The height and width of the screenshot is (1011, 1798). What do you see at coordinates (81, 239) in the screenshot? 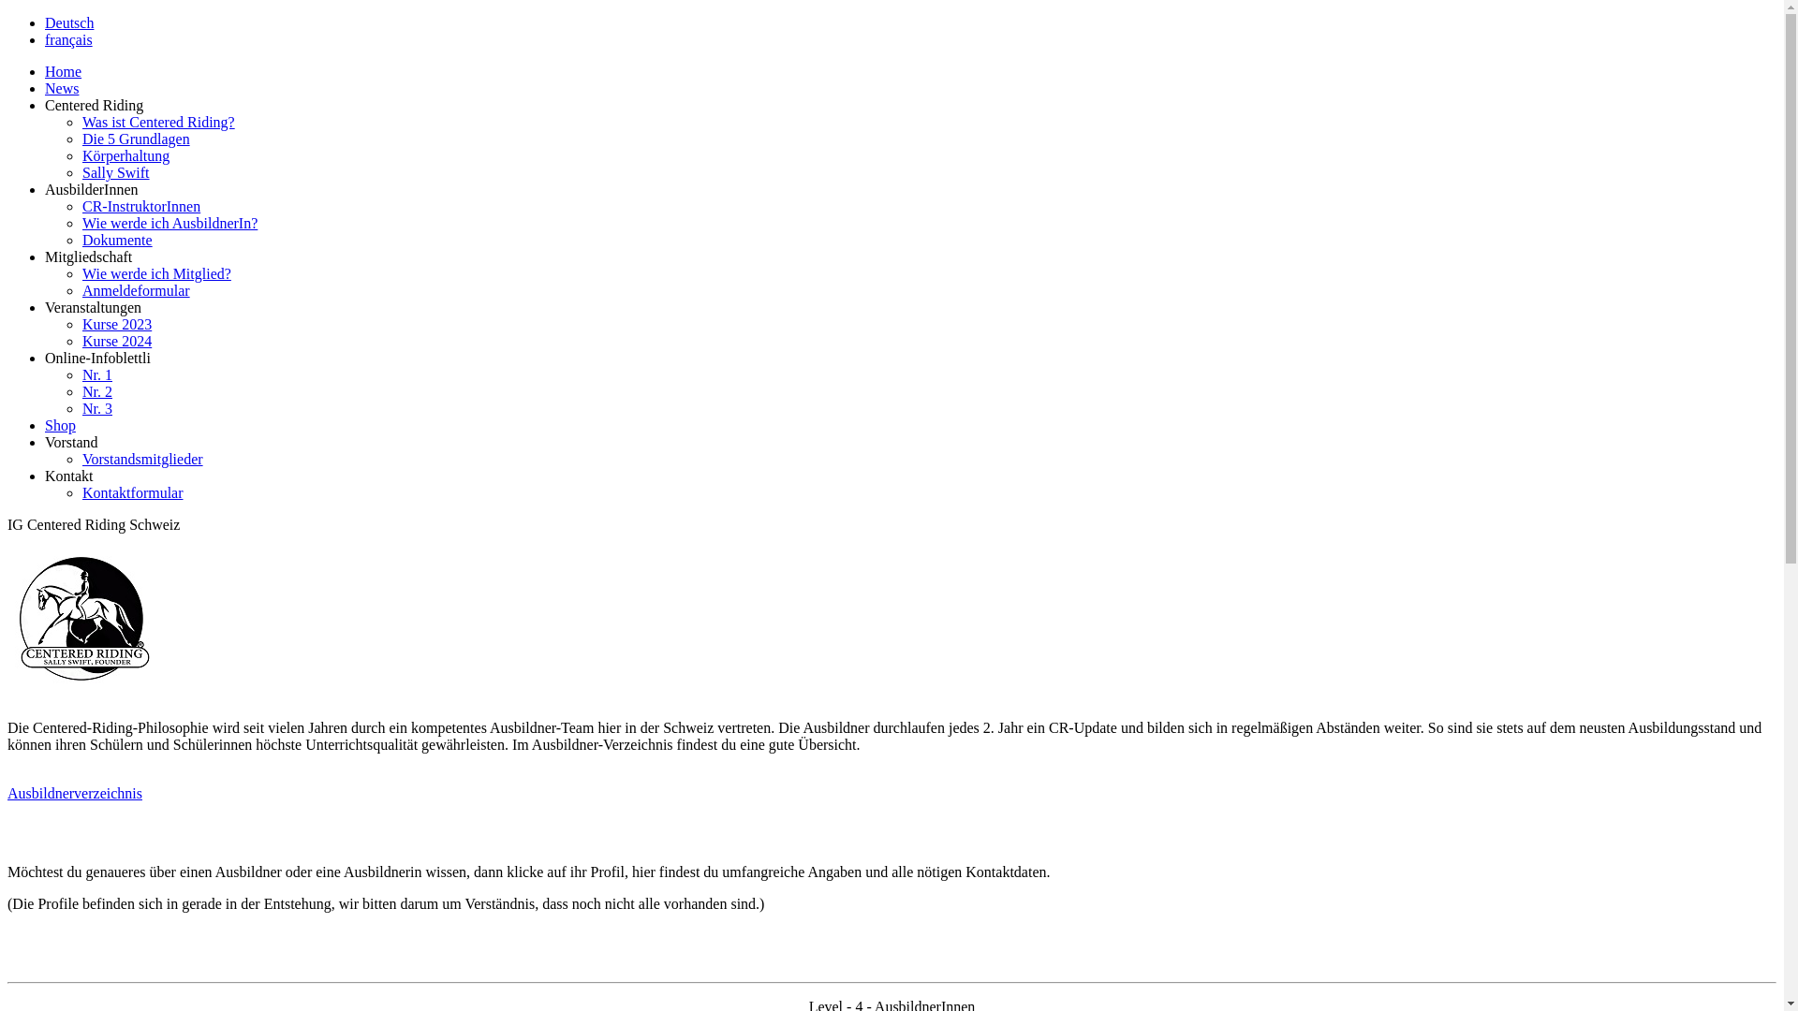
I see `'Dokumente'` at bounding box center [81, 239].